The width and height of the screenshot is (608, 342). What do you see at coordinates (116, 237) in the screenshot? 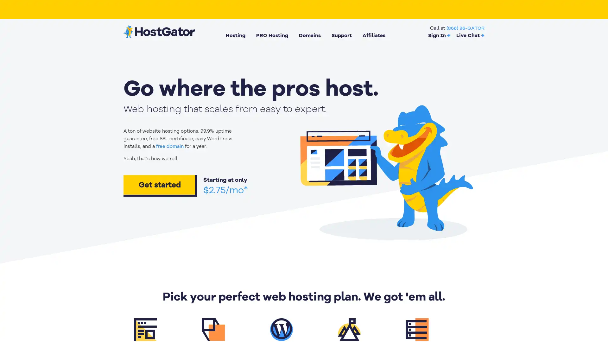
I see `Close` at bounding box center [116, 237].